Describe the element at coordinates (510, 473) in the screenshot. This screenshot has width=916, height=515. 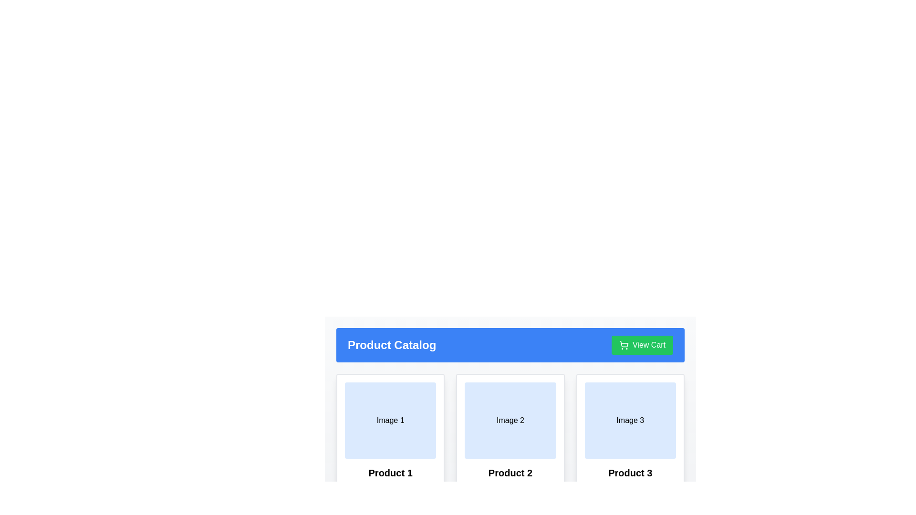
I see `text content of the Text Label that identifies the product, located at the bottom center of the second card in a horizontal sequence of three cards` at that location.